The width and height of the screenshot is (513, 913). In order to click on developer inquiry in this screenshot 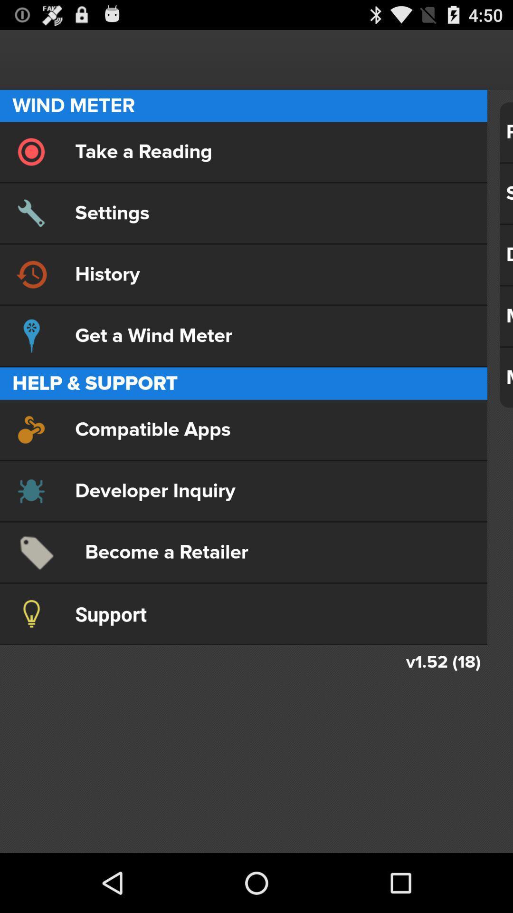, I will do `click(243, 491)`.